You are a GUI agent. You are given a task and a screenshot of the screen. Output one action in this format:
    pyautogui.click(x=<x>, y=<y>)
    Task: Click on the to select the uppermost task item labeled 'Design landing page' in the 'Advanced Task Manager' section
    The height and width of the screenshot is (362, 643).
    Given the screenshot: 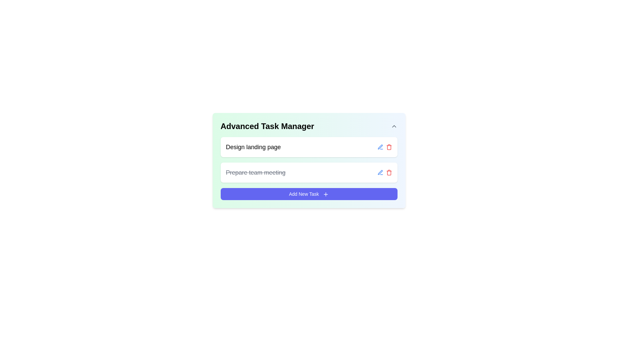 What is the action you would take?
    pyautogui.click(x=308, y=160)
    